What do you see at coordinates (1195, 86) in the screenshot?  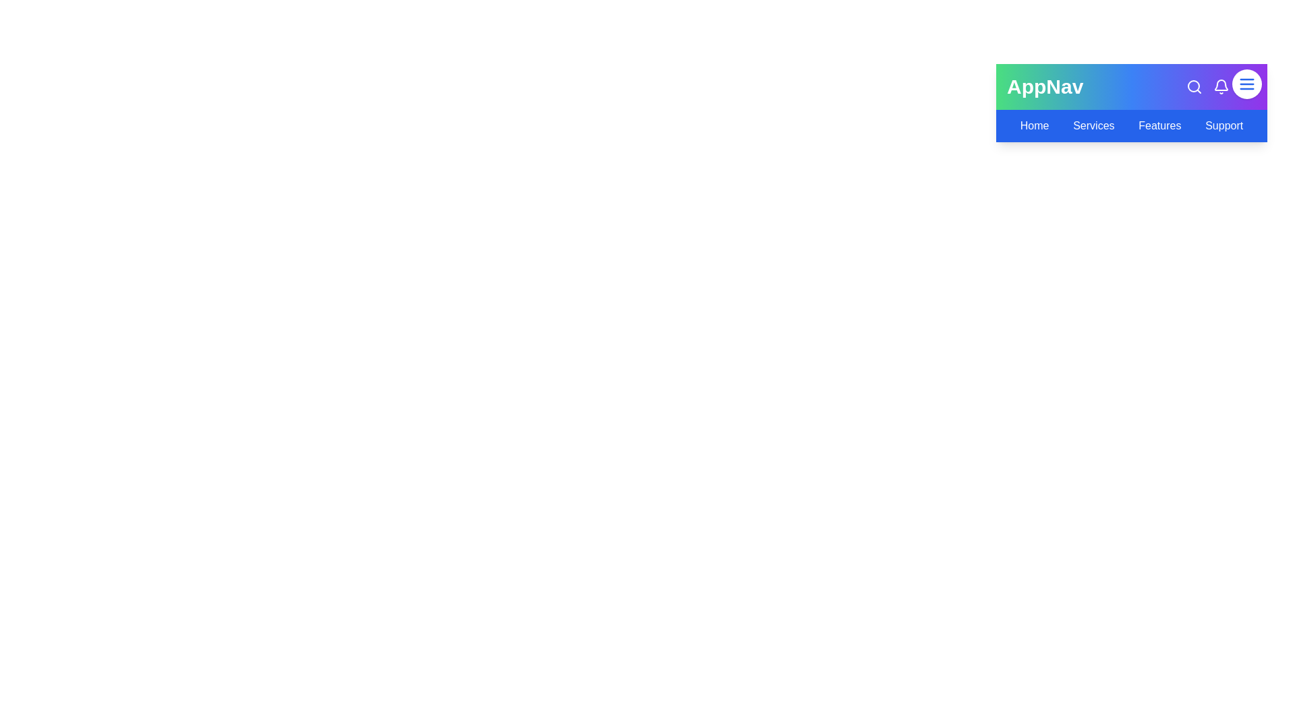 I see `the search icon to activate the search functionality` at bounding box center [1195, 86].